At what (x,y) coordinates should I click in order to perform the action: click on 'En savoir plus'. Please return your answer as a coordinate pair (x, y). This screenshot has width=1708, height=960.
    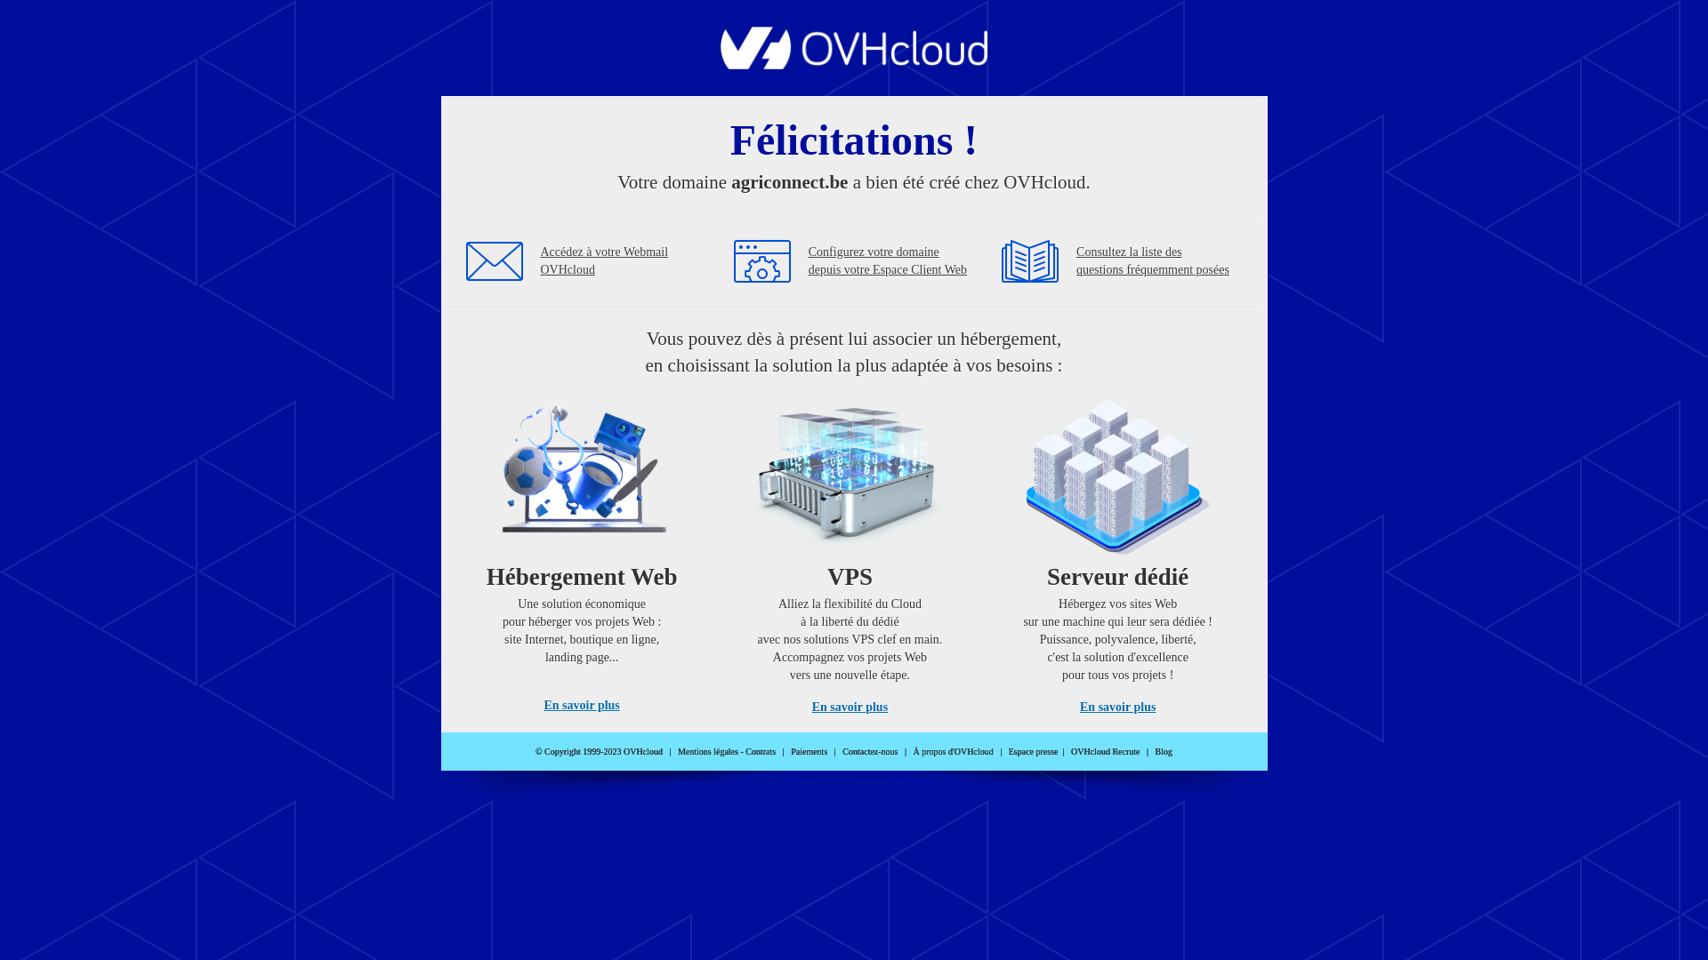
    Looking at the image, I should click on (581, 704).